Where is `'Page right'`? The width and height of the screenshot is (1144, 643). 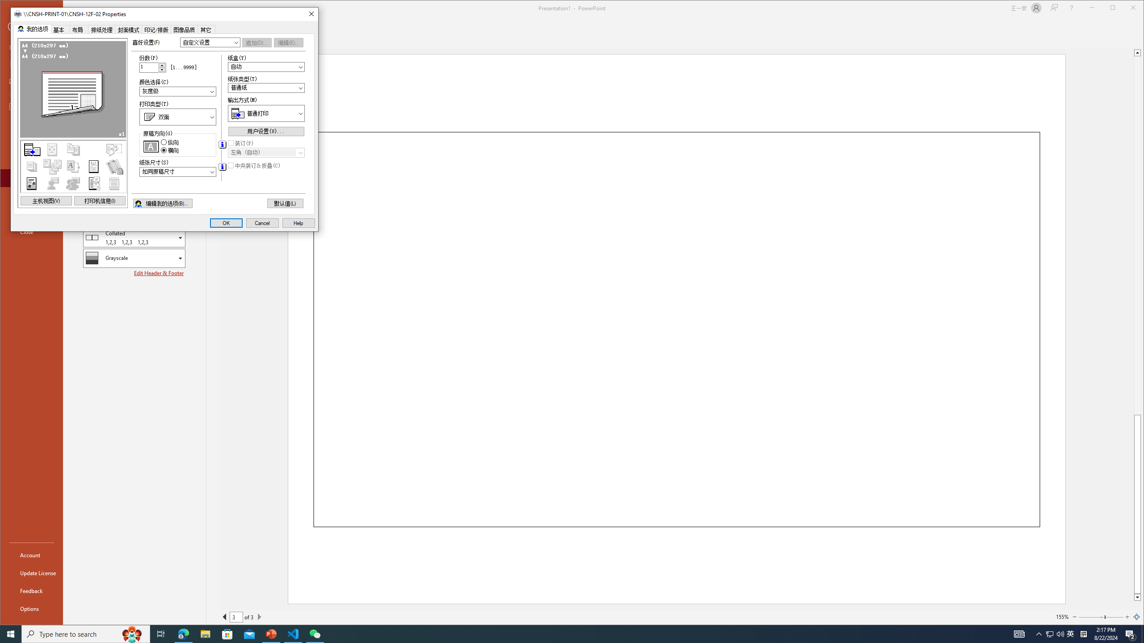
'Page right' is located at coordinates (1115, 616).